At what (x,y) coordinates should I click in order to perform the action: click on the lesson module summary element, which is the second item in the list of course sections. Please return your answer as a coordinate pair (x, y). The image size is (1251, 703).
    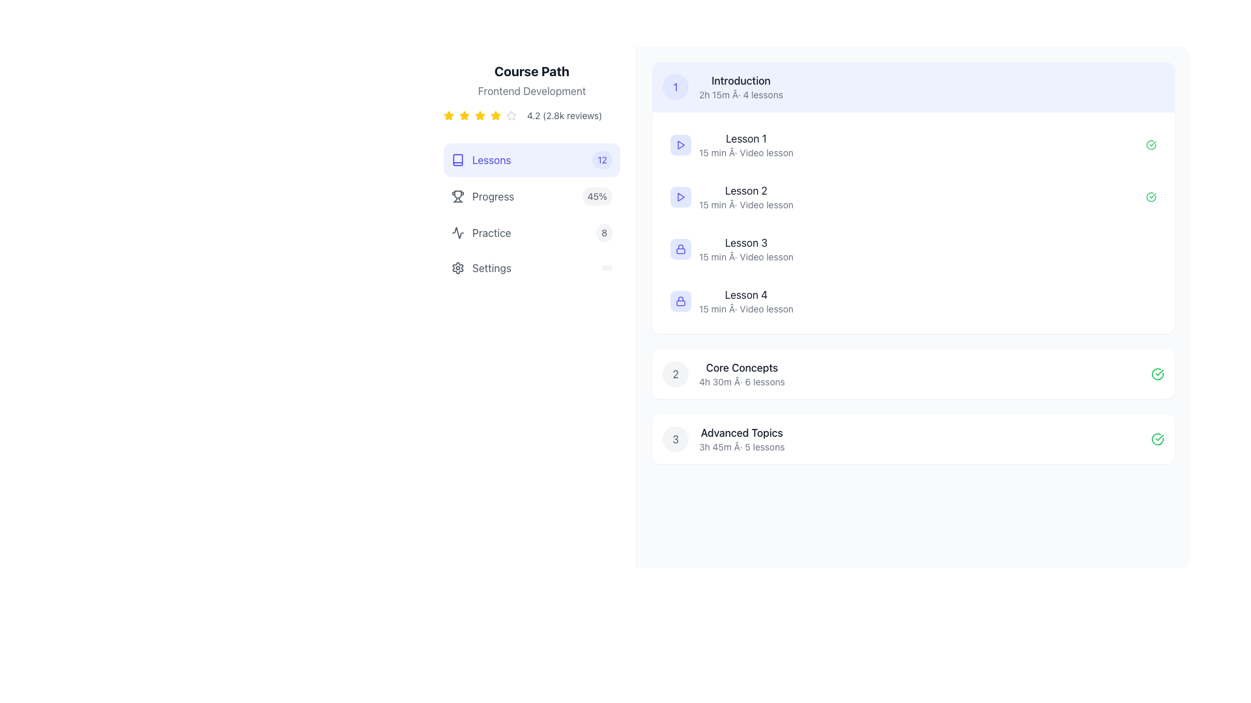
    Looking at the image, I should click on (723, 374).